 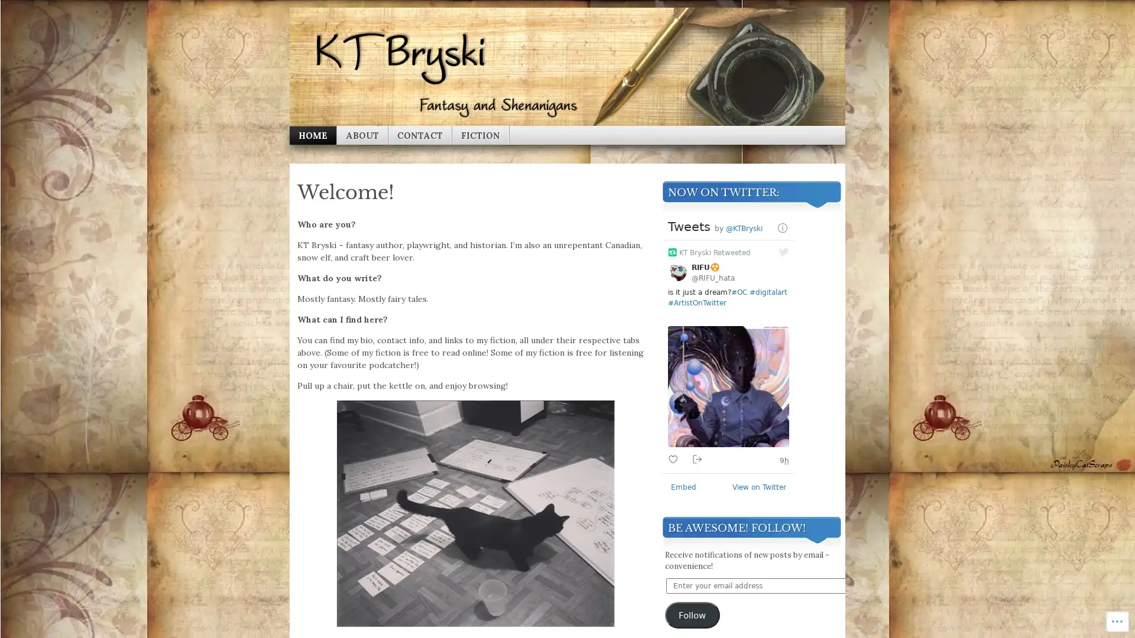 What do you see at coordinates (692, 614) in the screenshot?
I see `Follow` at bounding box center [692, 614].